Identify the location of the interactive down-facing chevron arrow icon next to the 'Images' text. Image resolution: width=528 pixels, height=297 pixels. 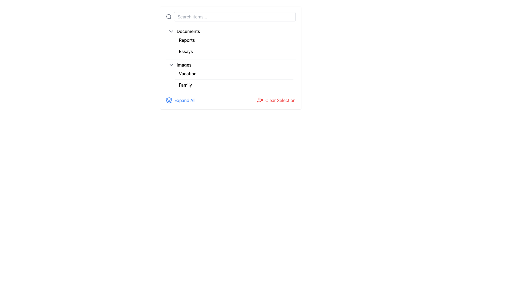
(171, 64).